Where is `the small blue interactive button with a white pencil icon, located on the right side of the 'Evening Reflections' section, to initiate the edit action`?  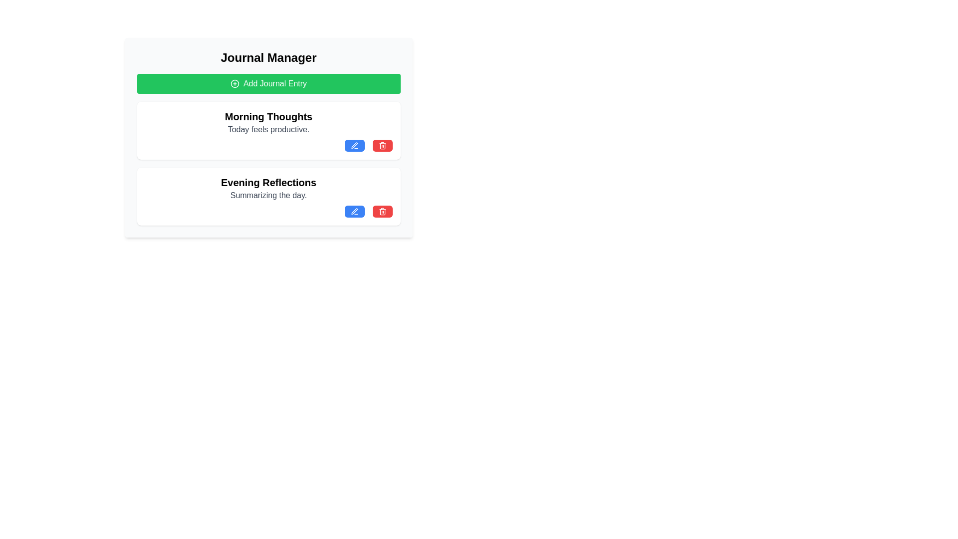
the small blue interactive button with a white pencil icon, located on the right side of the 'Evening Reflections' section, to initiate the edit action is located at coordinates (354, 211).